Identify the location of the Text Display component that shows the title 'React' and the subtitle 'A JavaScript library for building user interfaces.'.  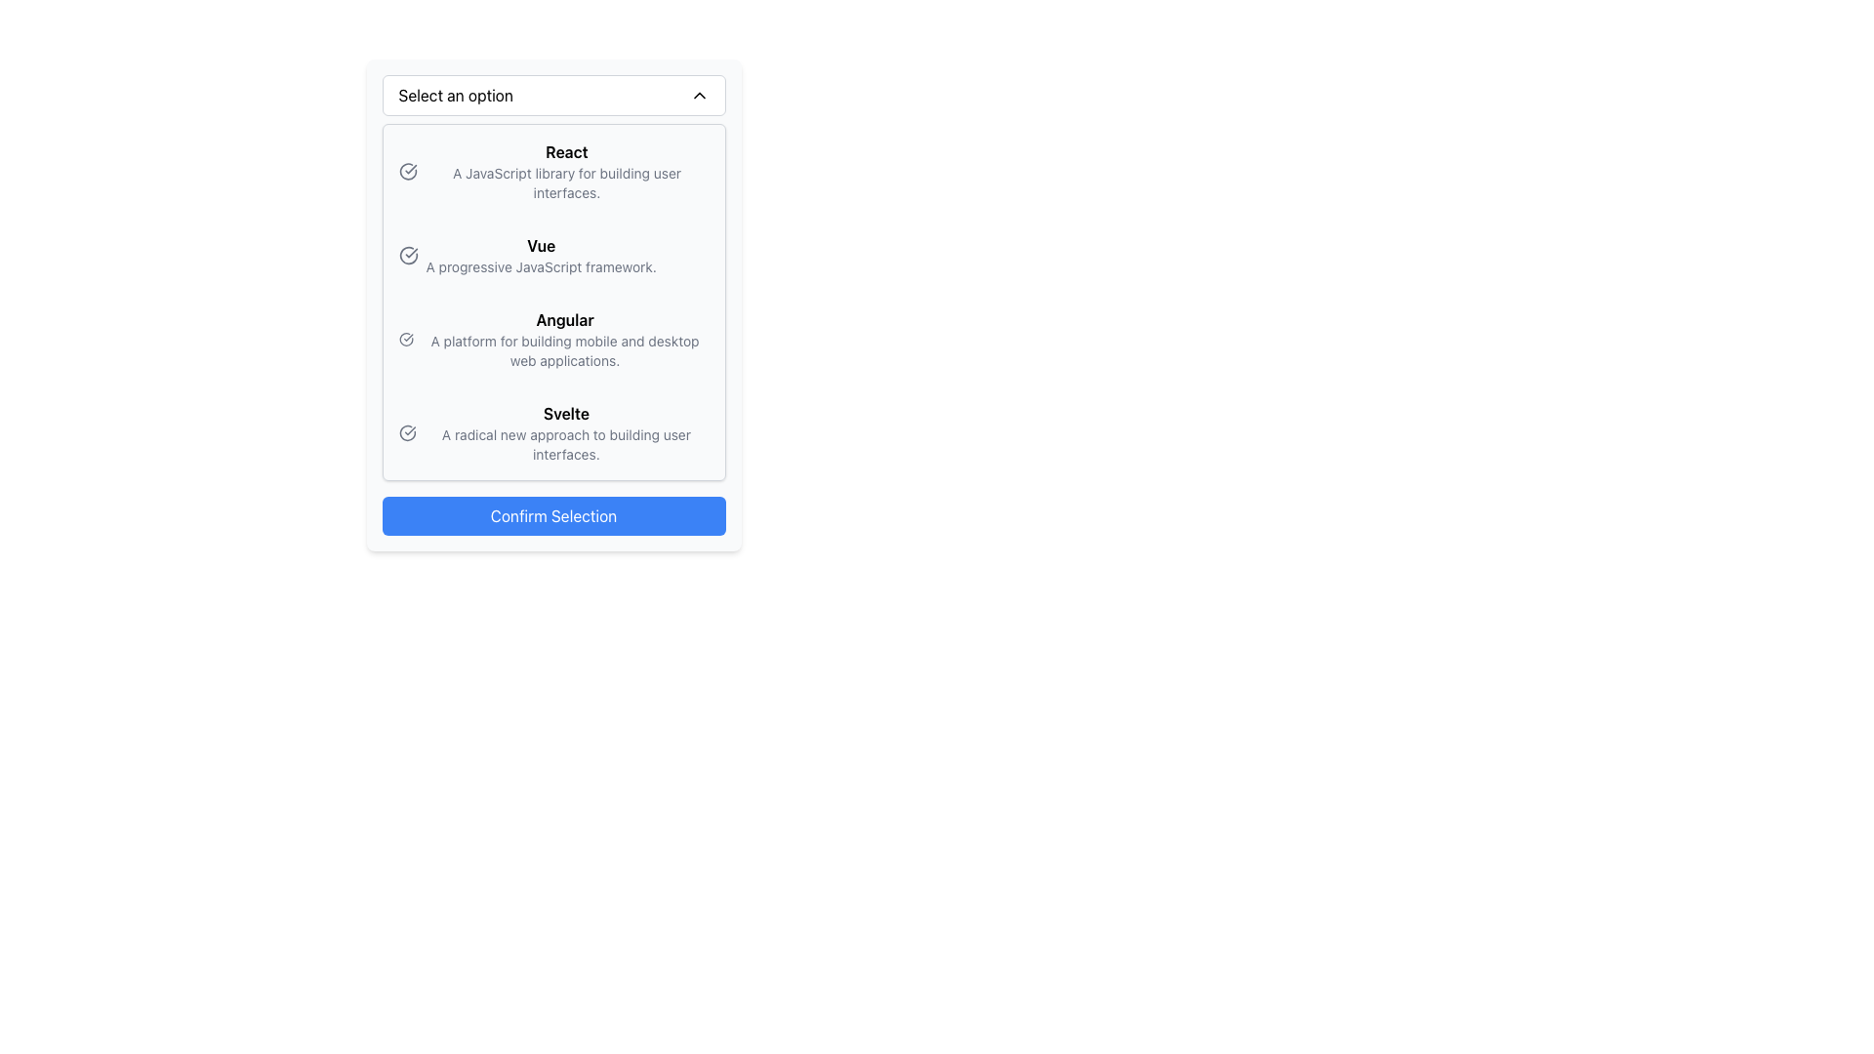
(565, 171).